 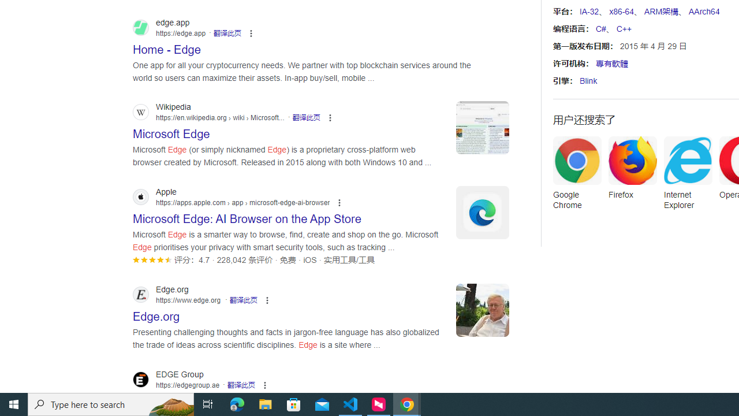 What do you see at coordinates (588, 80) in the screenshot?
I see `'Blink'` at bounding box center [588, 80].